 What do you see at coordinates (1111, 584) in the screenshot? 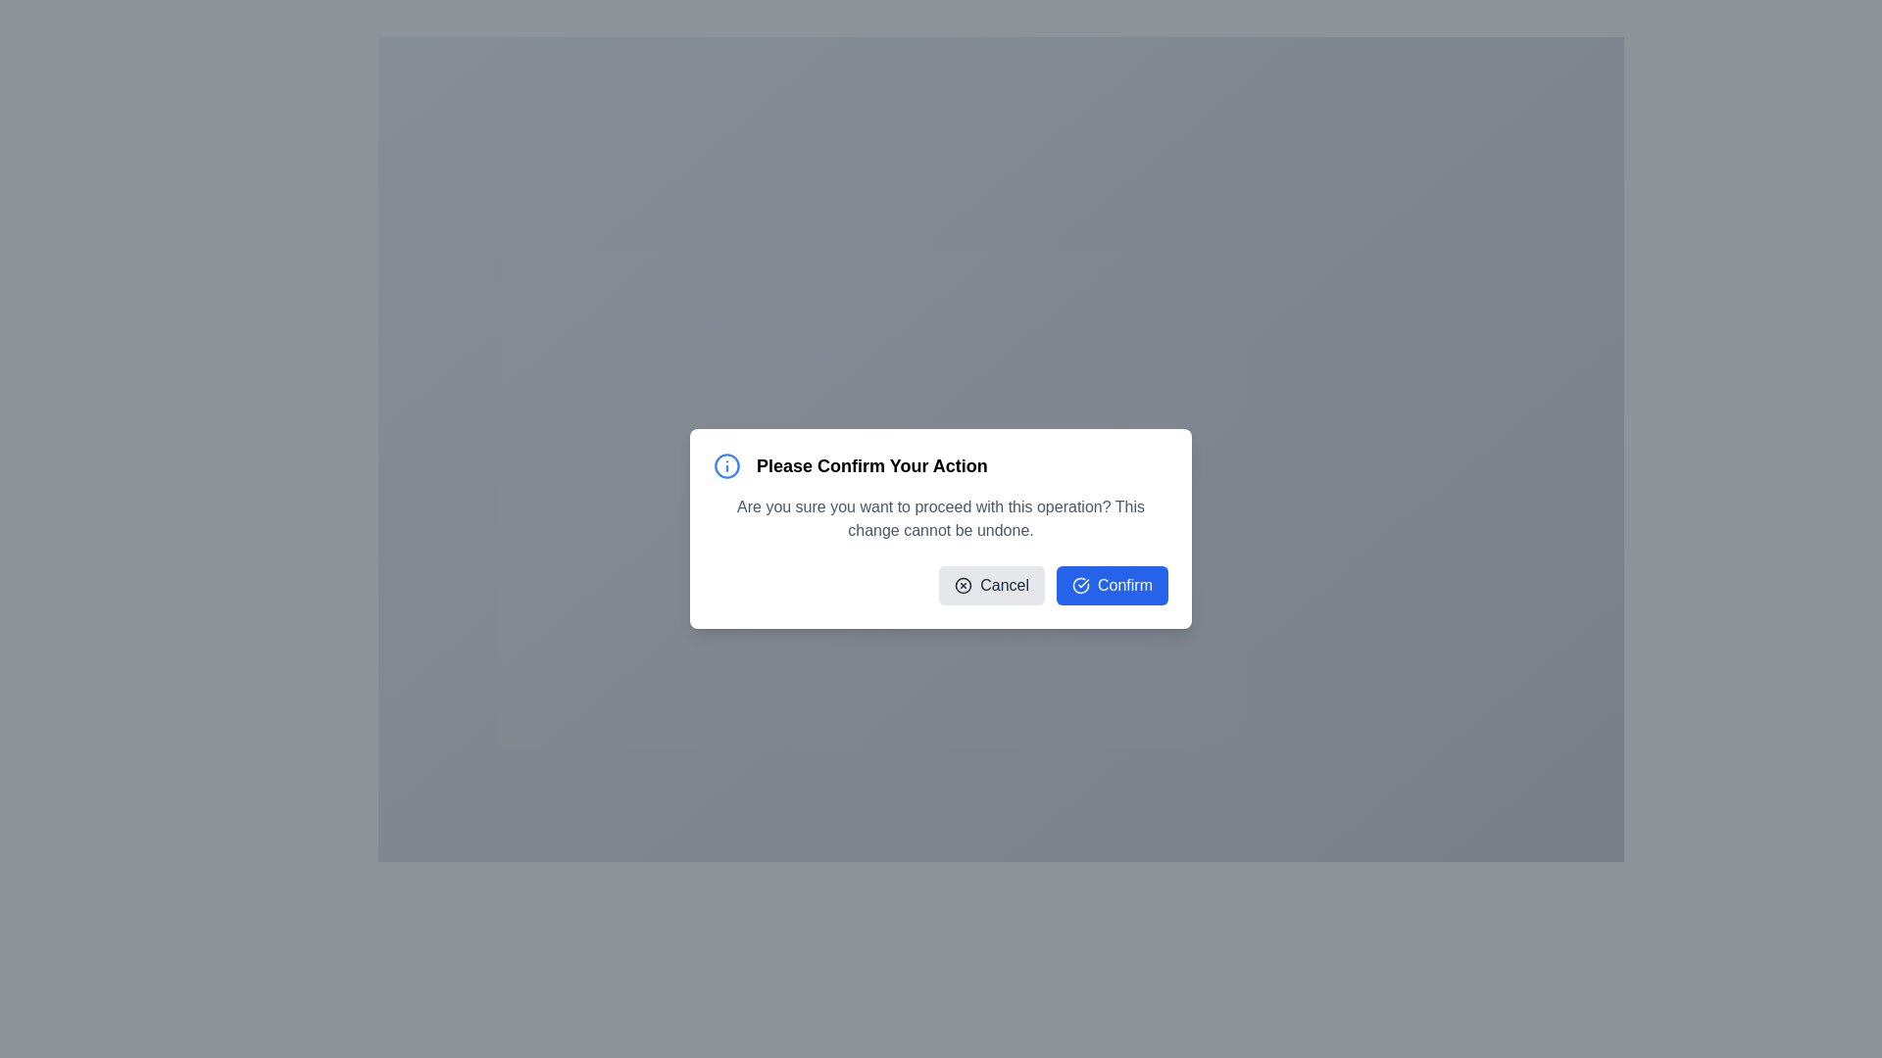
I see `the confirm button located in the bottom-right section of the modal dialog to confirm the action` at bounding box center [1111, 584].